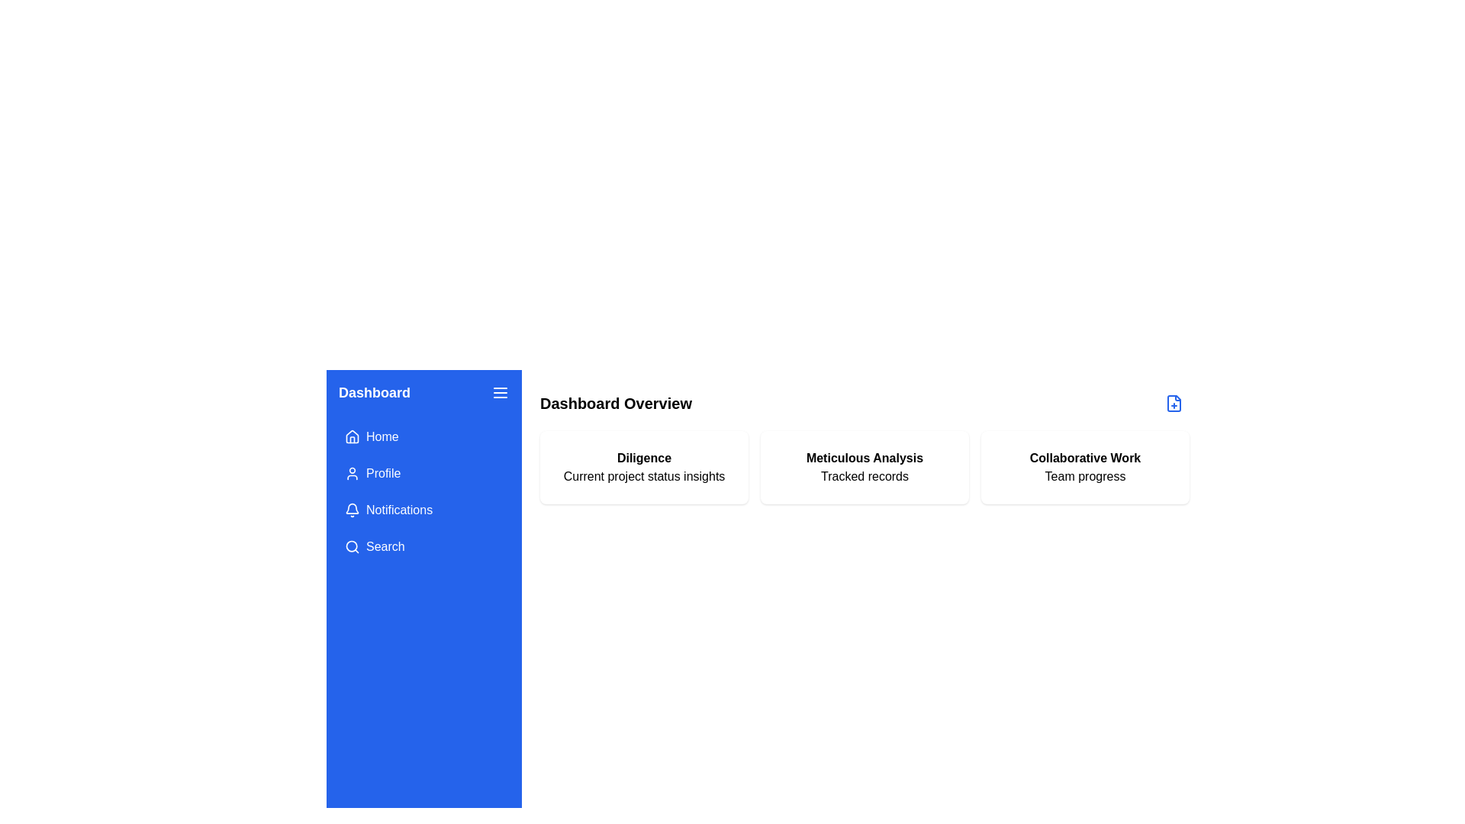 Image resolution: width=1465 pixels, height=824 pixels. What do you see at coordinates (1174, 402) in the screenshot?
I see `the button with a blue document icon and a plus sign, located to the right of the 'Dashboard Overview' header to trigger the hover effect` at bounding box center [1174, 402].